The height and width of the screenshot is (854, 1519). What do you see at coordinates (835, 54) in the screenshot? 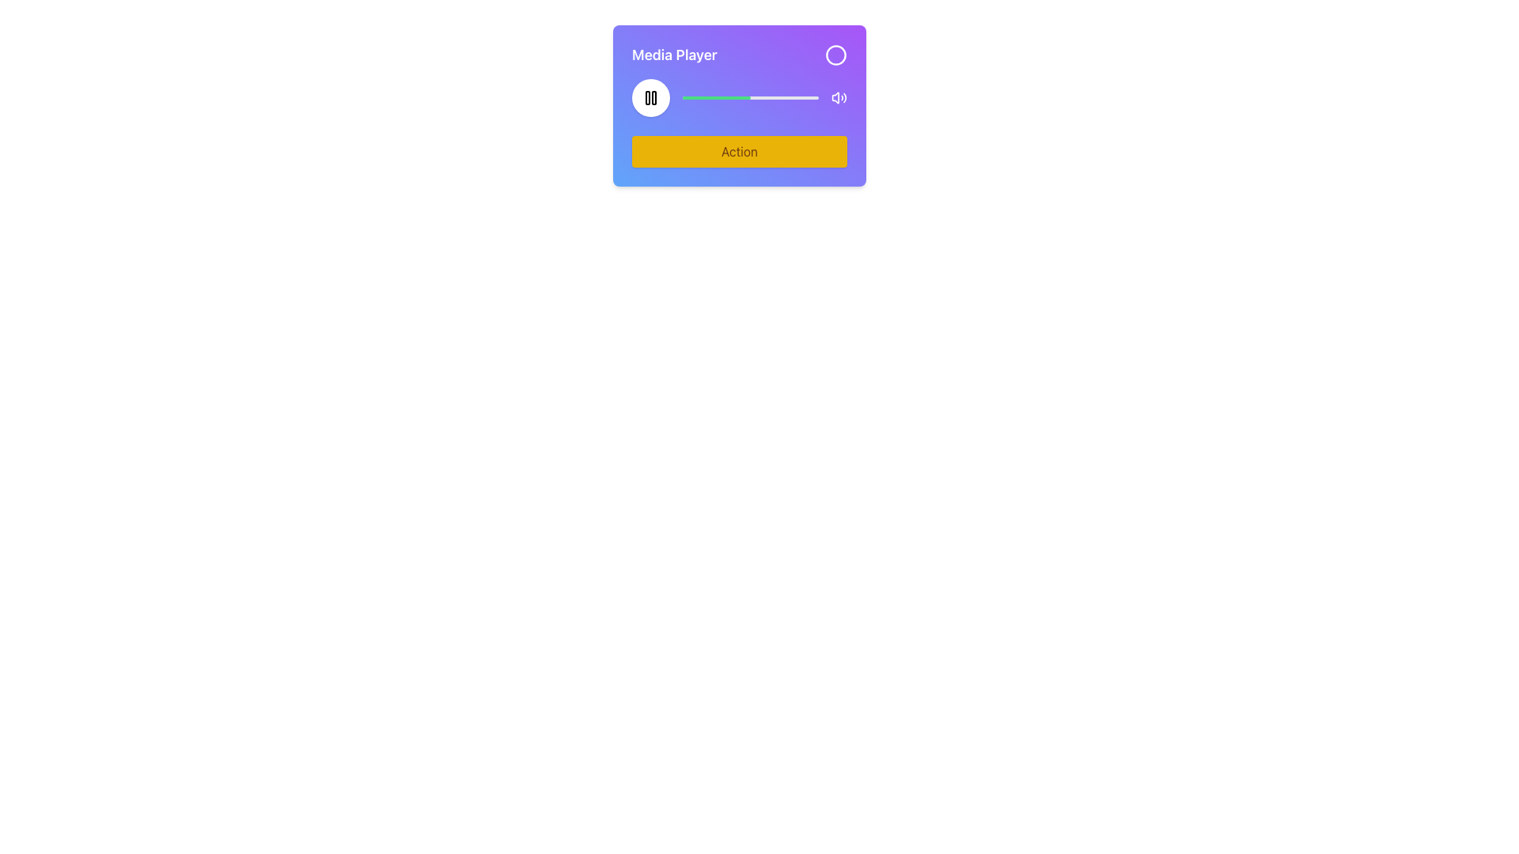
I see `the decorative Circle graphic located in the upper-right corner of the 'Media Player' widget's header area` at bounding box center [835, 54].